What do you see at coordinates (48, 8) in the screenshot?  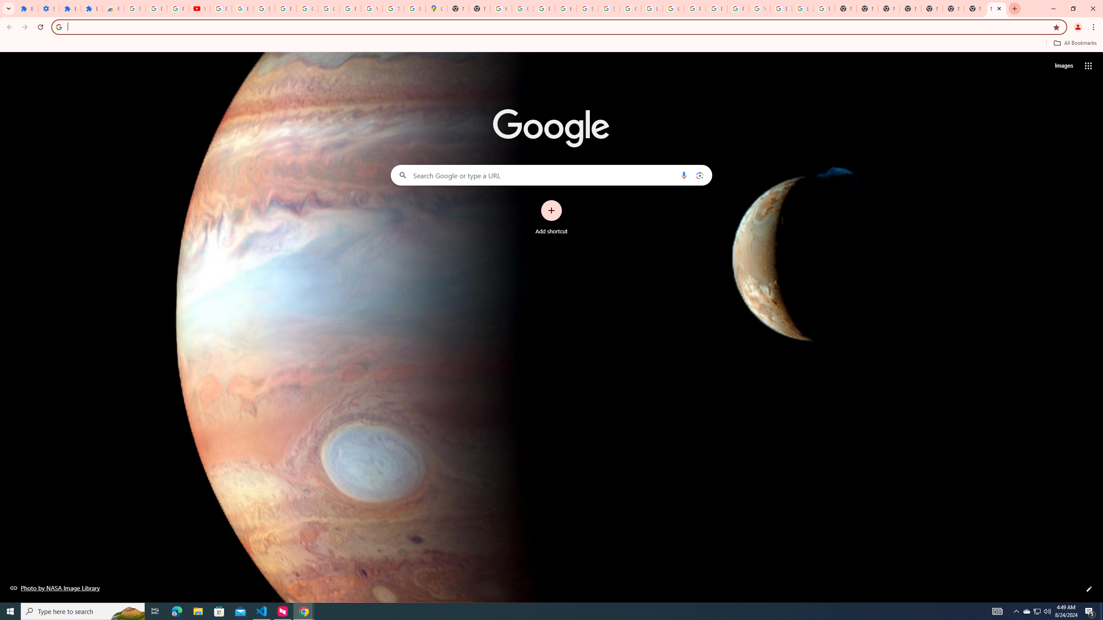 I see `'Settings'` at bounding box center [48, 8].